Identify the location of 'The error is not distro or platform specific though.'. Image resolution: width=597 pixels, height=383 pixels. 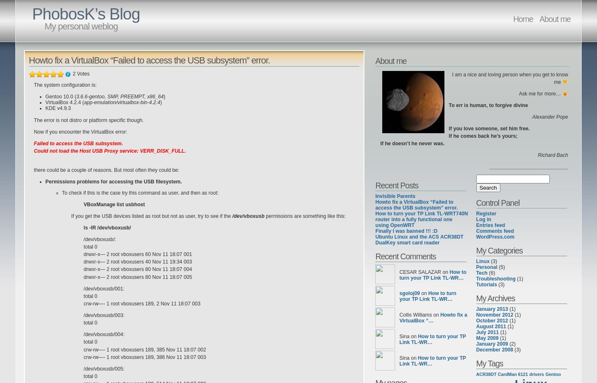
(34, 120).